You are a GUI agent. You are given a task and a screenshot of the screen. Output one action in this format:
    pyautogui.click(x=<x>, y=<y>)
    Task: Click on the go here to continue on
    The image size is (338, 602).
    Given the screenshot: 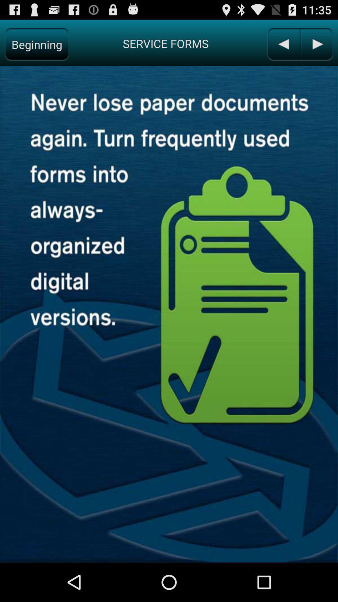 What is the action you would take?
    pyautogui.click(x=316, y=44)
    